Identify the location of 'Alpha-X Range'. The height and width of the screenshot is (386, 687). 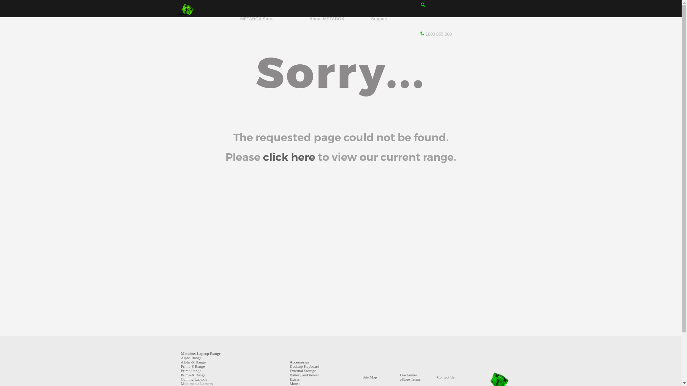
(193, 362).